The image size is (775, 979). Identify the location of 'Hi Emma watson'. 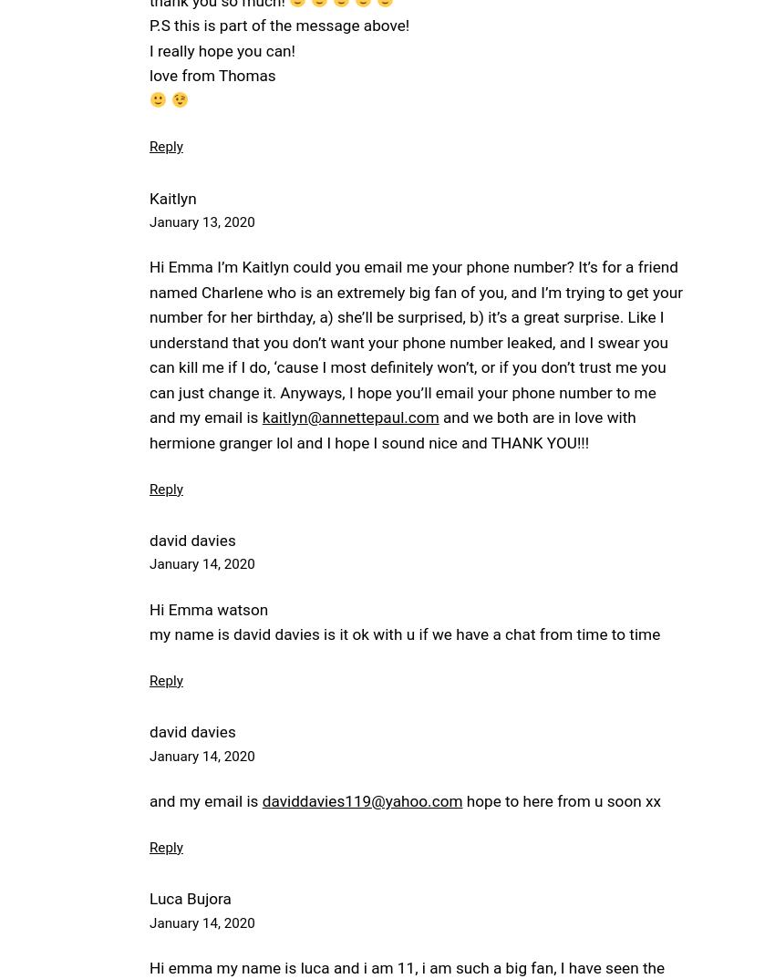
(149, 608).